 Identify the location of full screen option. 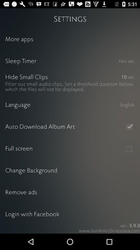
(129, 149).